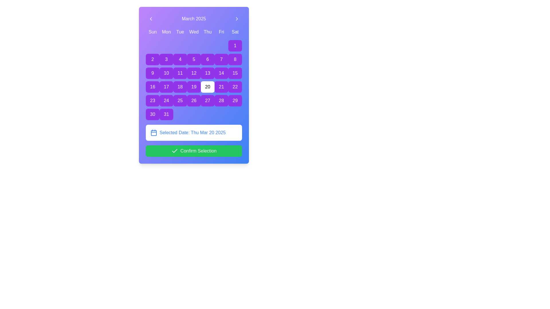 The image size is (550, 309). What do you see at coordinates (180, 100) in the screenshot?
I see `the calendar button that represents the selectable day '25' located in the sixth row and third column of the grid layout to observe the hover effect` at bounding box center [180, 100].